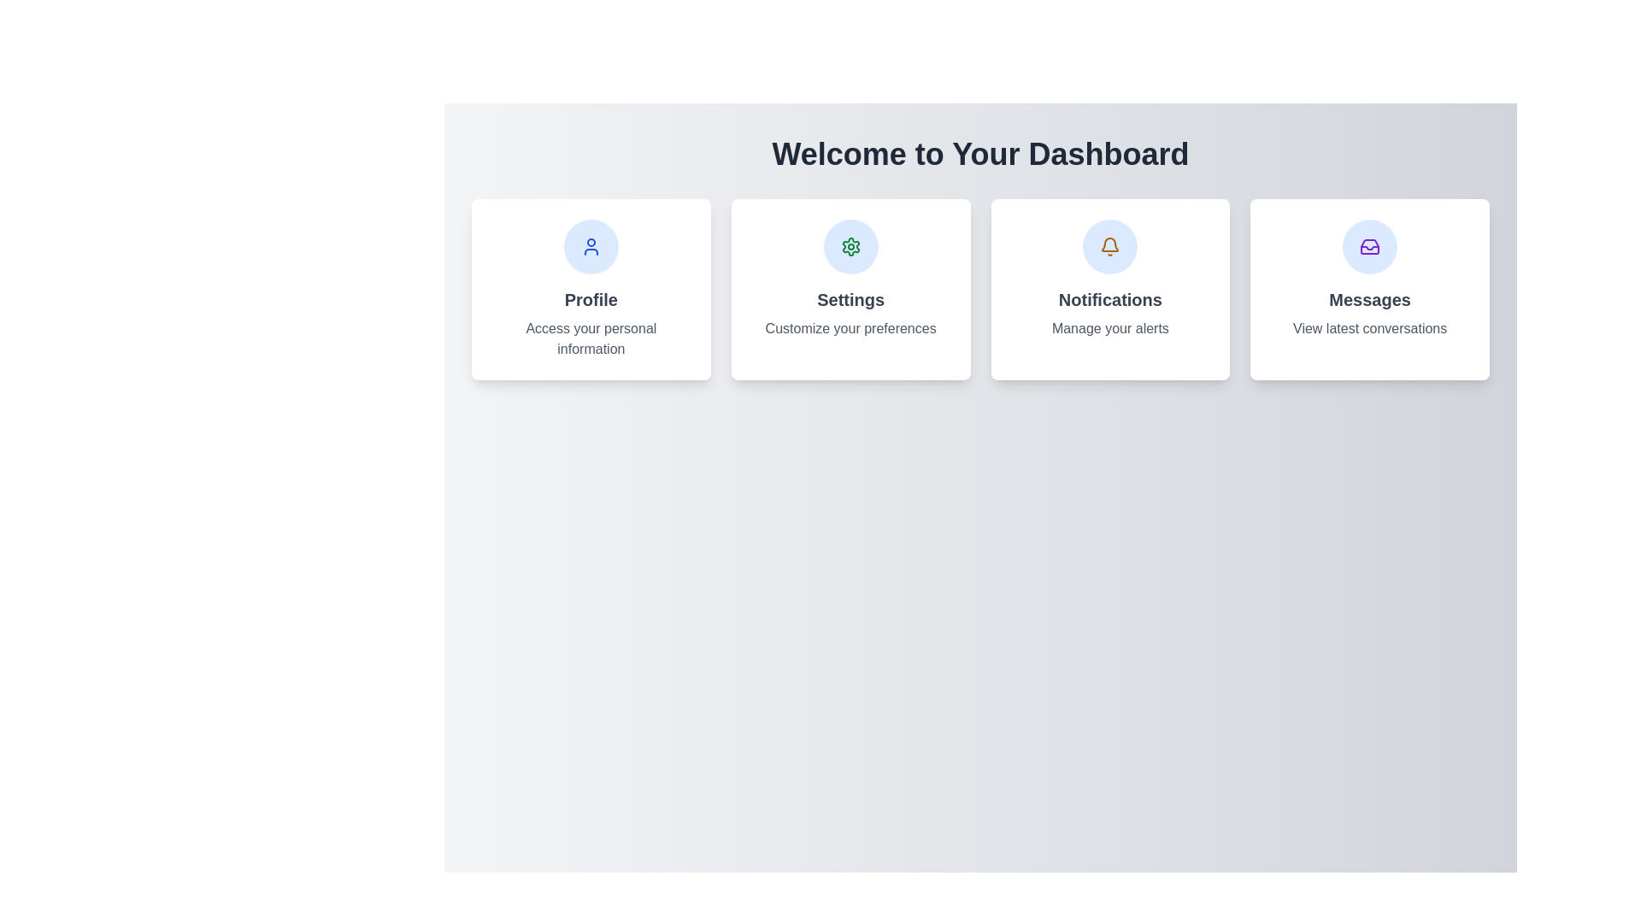 This screenshot has width=1641, height=923. I want to click on title text of the card indicating the theme or purpose of the card's context, which relates to notifications, located at the top center of the card above 'Manage your alerts', so click(1110, 299).